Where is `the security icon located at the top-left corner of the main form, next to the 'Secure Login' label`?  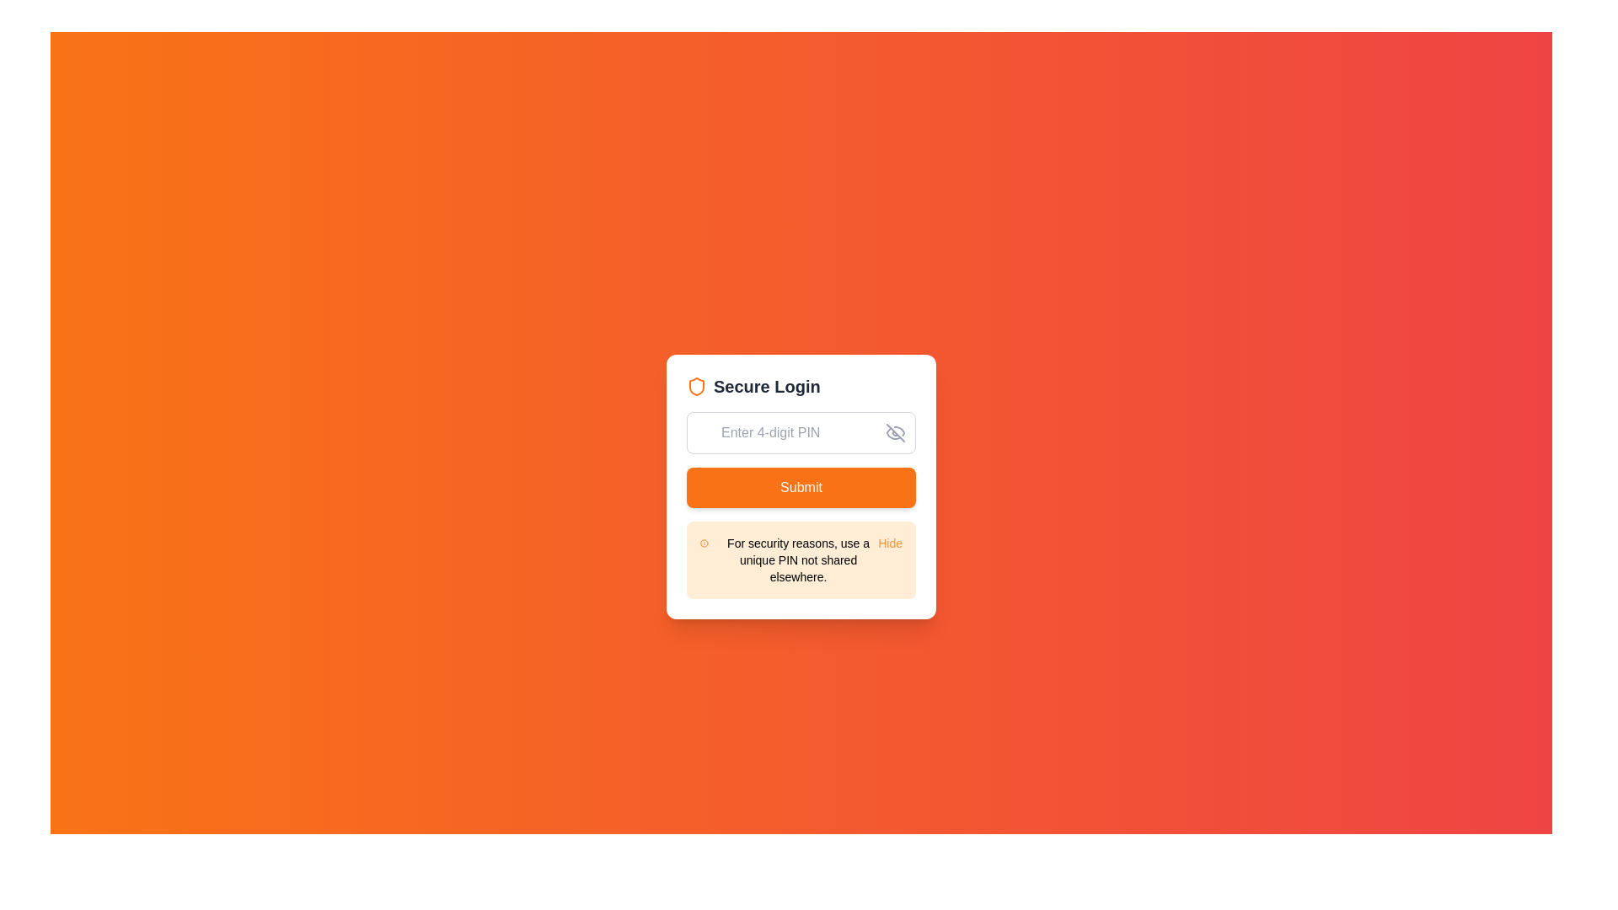 the security icon located at the top-left corner of the main form, next to the 'Secure Login' label is located at coordinates (696, 387).